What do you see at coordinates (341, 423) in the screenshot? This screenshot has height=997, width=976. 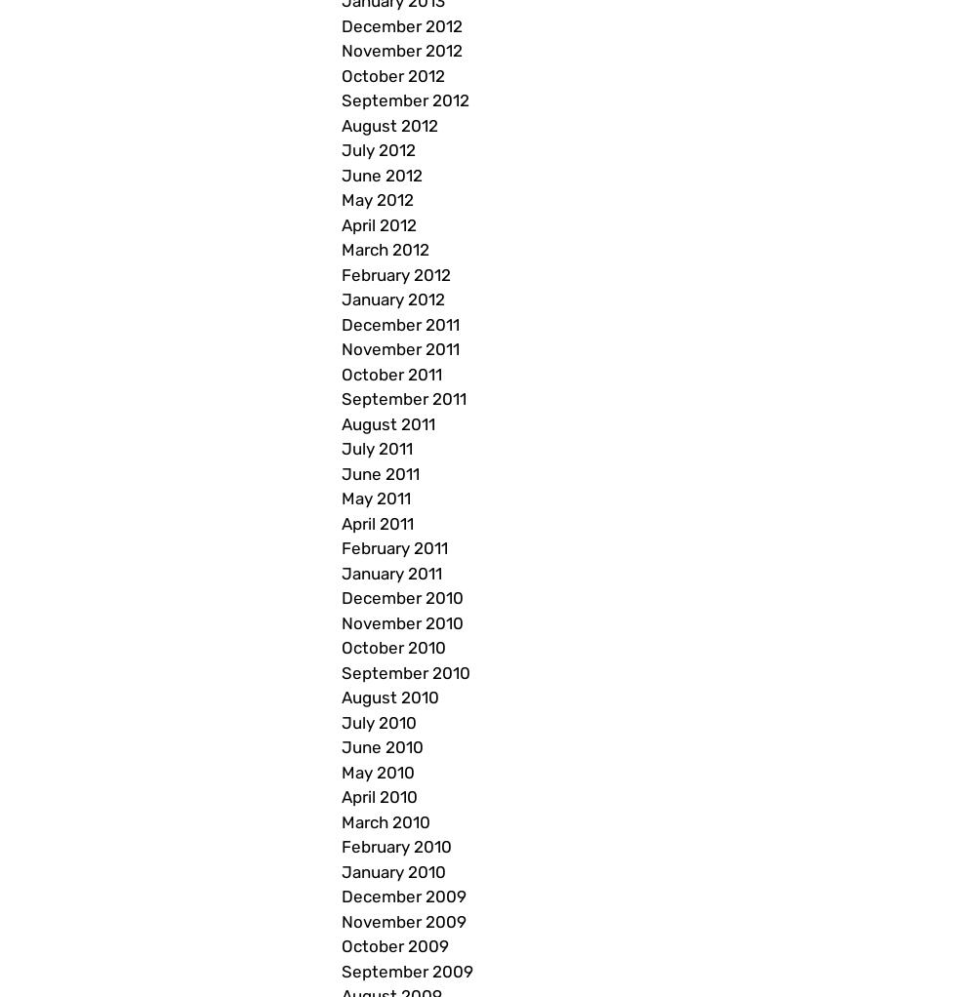 I see `'August 2011'` at bounding box center [341, 423].